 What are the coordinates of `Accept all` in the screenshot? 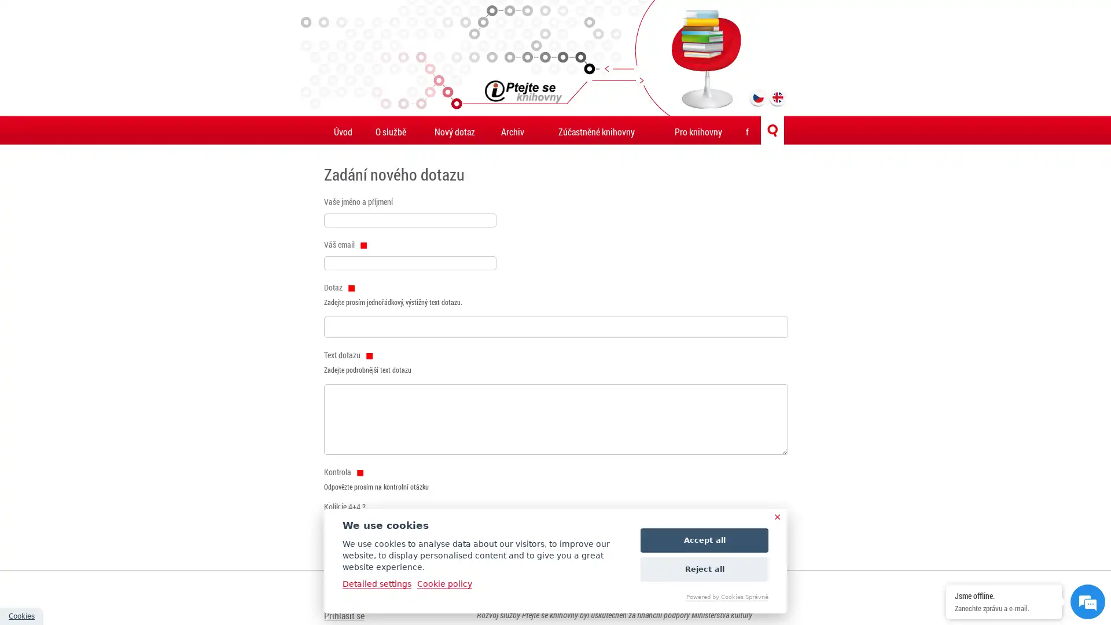 It's located at (704, 540).